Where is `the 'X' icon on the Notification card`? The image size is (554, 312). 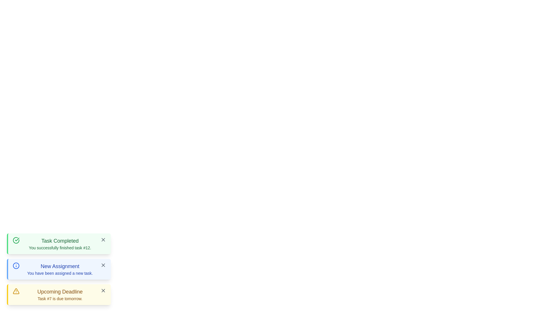
the 'X' icon on the Notification card is located at coordinates (59, 244).